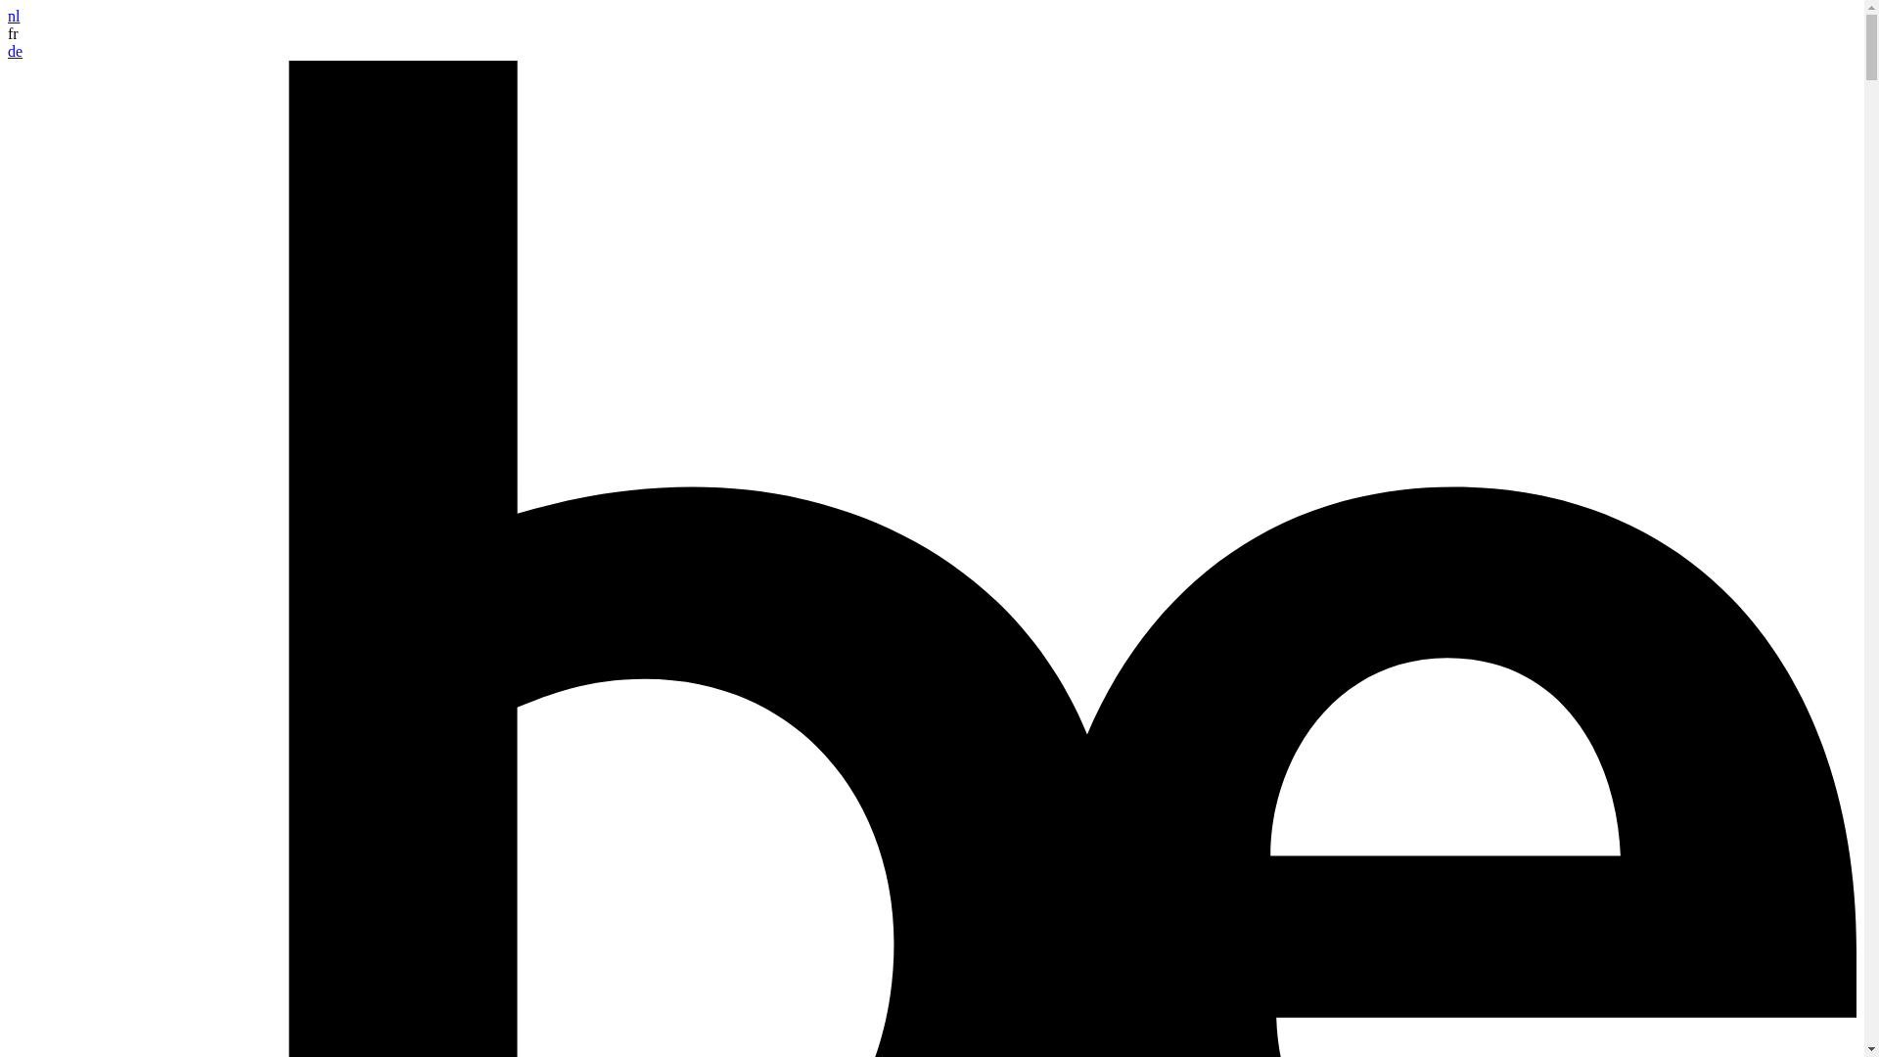 Image resolution: width=1879 pixels, height=1057 pixels. I want to click on 'nl', so click(14, 16).